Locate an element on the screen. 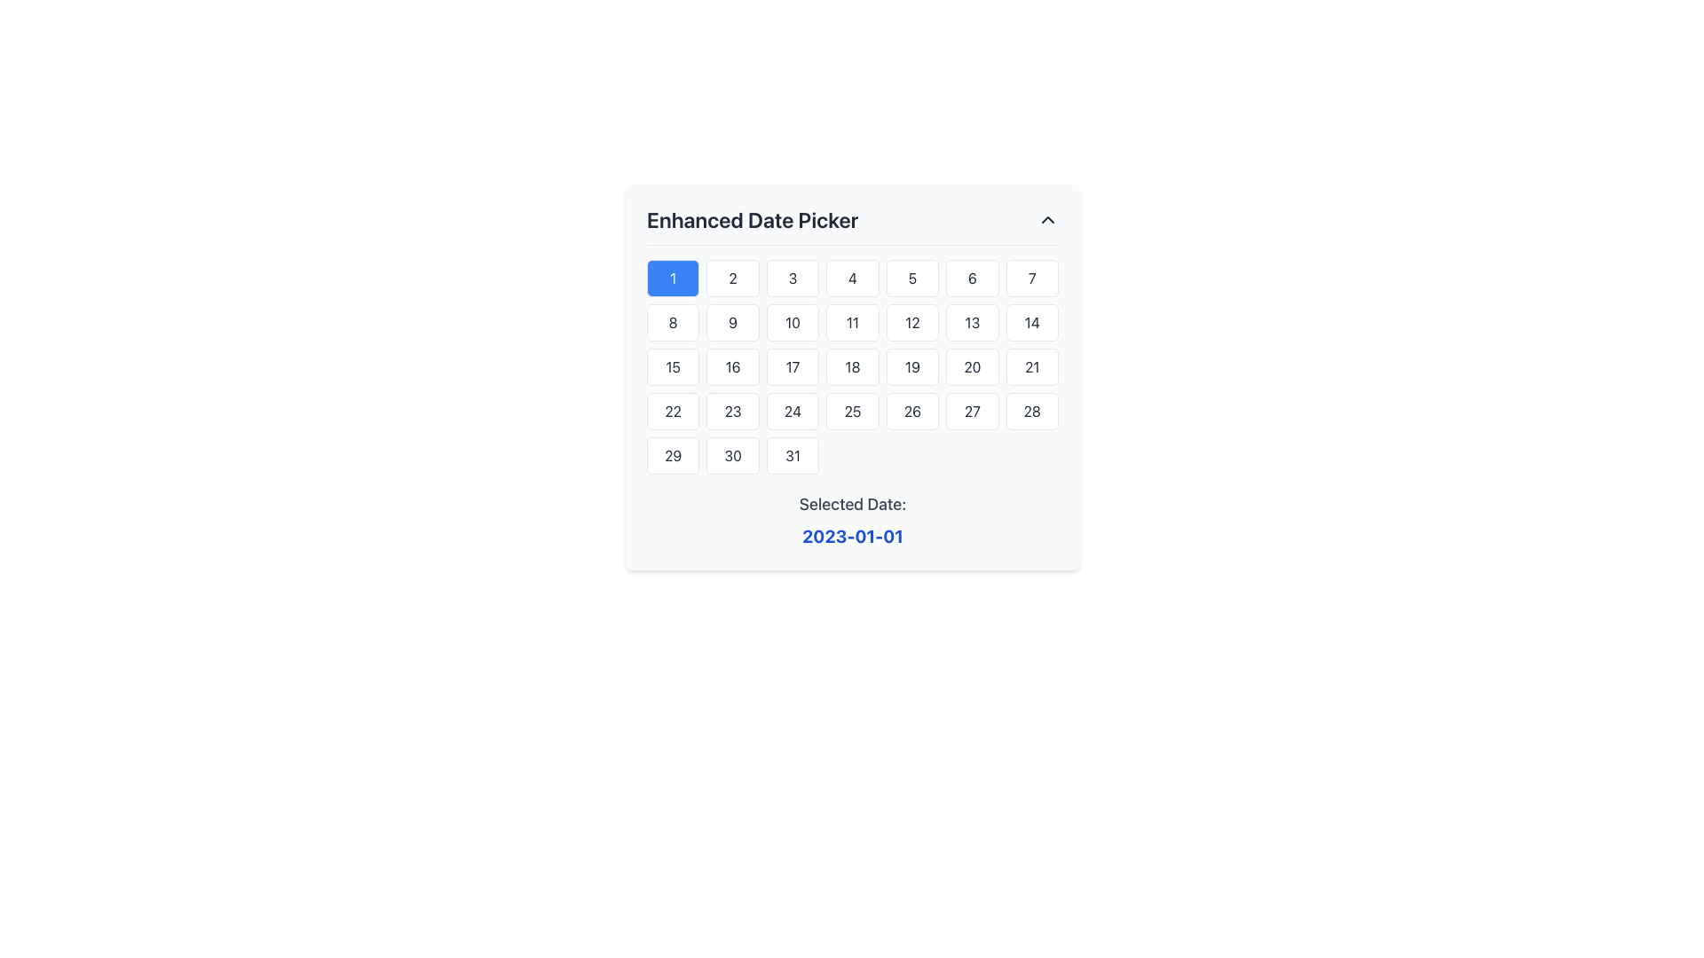  the button representing the 31st day of the month in the date picker is located at coordinates (792, 454).